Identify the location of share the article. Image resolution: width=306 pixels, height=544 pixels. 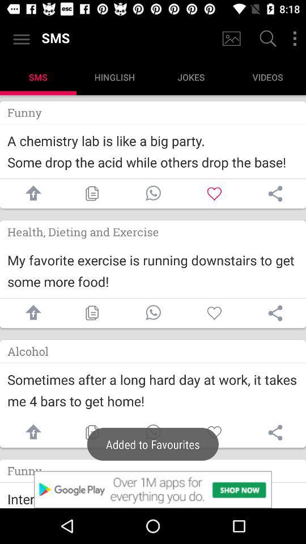
(275, 194).